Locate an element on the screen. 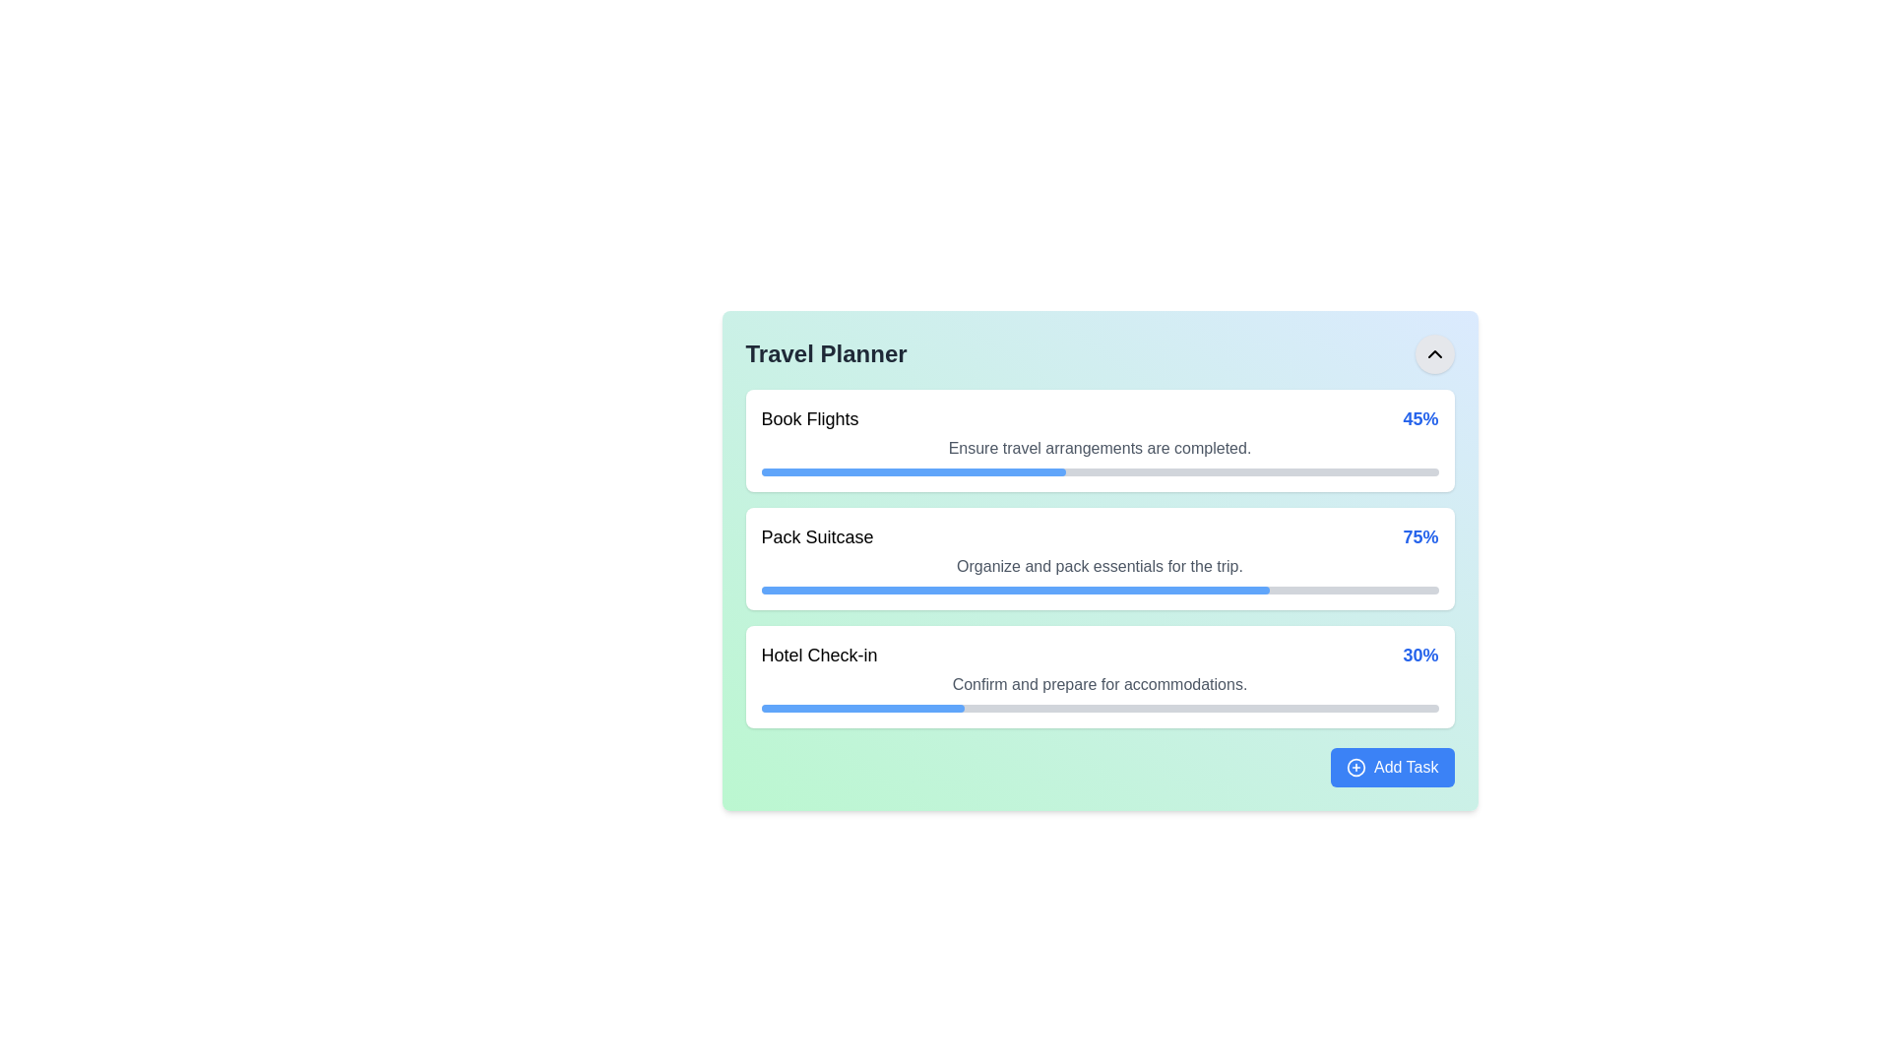 The height and width of the screenshot is (1063, 1890). the 'Pack Suitcase' task list item with progress bar for potential further actions is located at coordinates (1099, 558).